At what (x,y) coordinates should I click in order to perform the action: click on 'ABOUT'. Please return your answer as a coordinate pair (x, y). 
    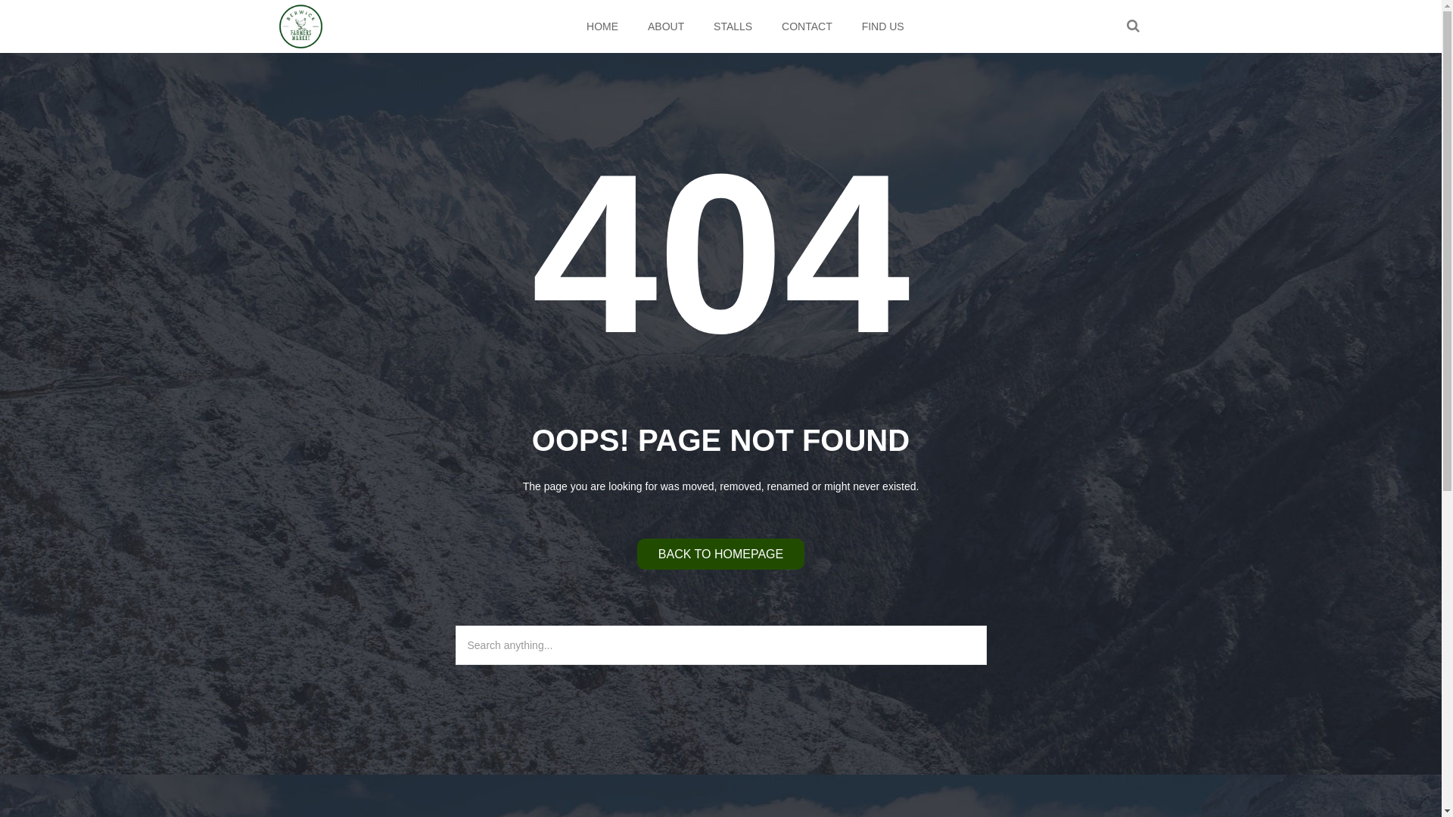
    Looking at the image, I should click on (665, 26).